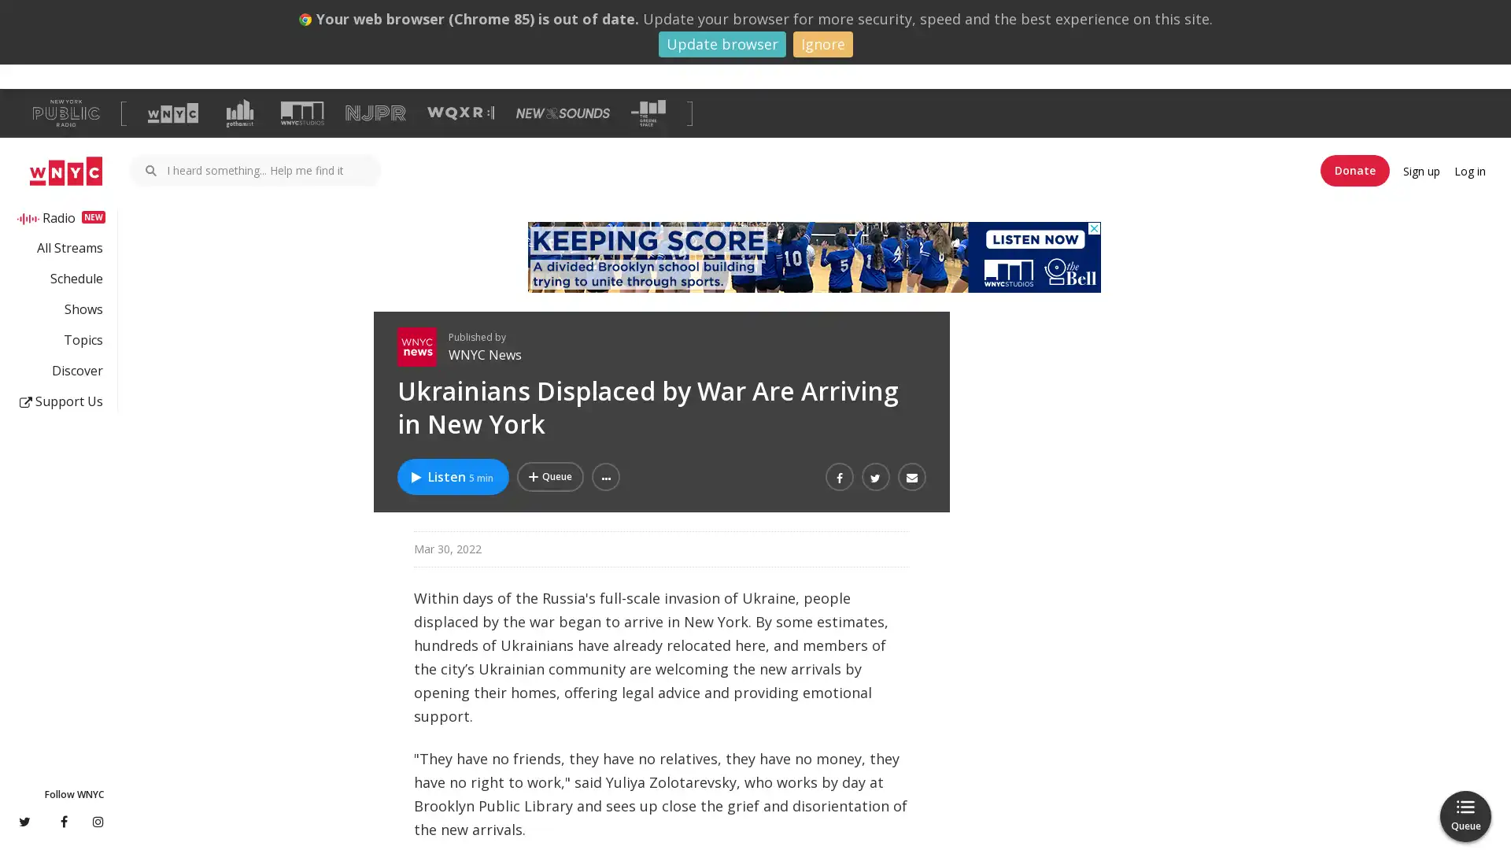  What do you see at coordinates (453, 475) in the screenshot?
I see `Listen to Ukrainians Displaced by War Are Arriving in New York` at bounding box center [453, 475].